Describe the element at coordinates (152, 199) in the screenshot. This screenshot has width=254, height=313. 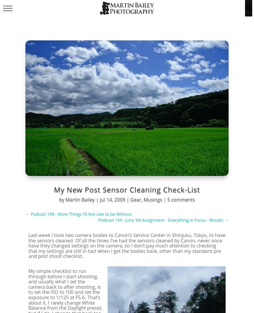
I see `'Musings'` at that location.